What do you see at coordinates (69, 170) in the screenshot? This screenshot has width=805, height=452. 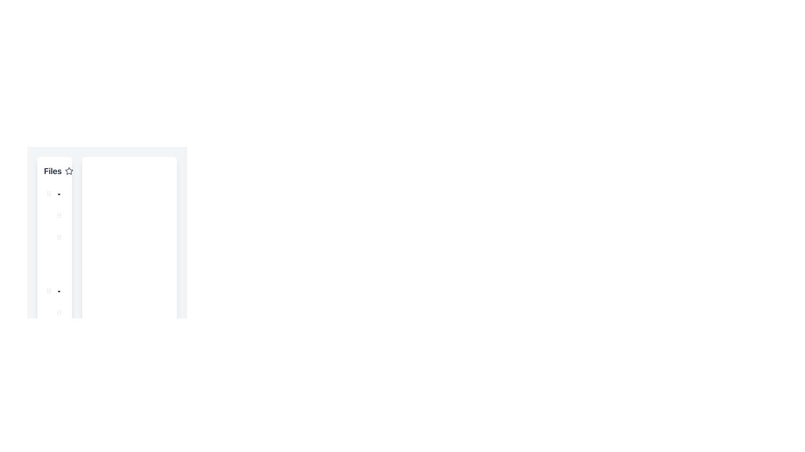 I see `the star-shaped button located in the vertical toolbar on the left side, which has a gray outline and white background` at bounding box center [69, 170].